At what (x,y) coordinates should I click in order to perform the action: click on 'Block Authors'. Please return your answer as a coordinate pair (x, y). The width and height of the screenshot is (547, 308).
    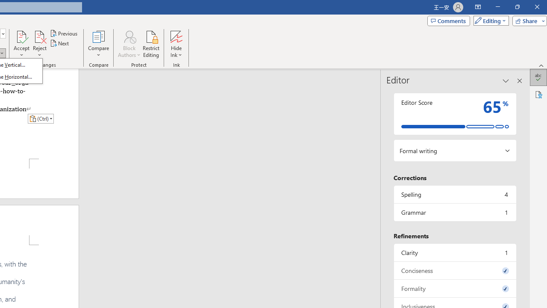
    Looking at the image, I should click on (129, 44).